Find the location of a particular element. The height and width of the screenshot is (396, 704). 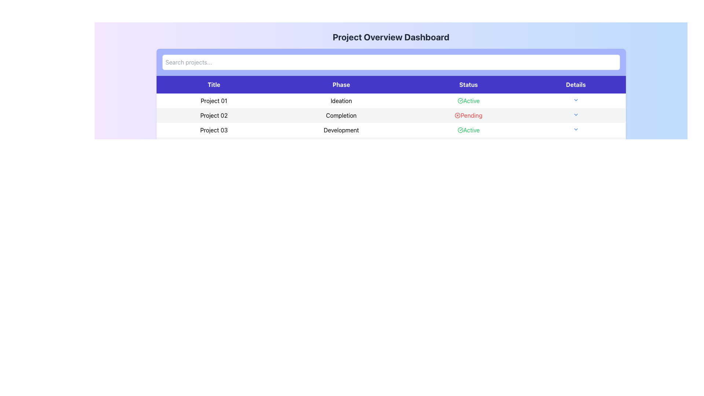

status indicator displaying 'Active' in the third column of the first row under the 'Project Overview Dashboard' heading for any status-specific styles is located at coordinates (468, 100).